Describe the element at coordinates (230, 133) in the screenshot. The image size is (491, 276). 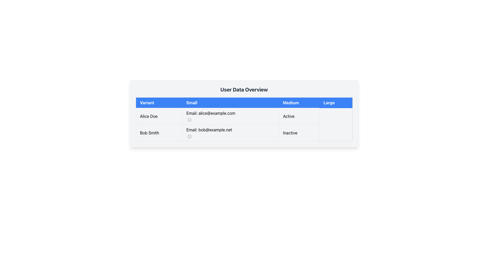
I see `email address displayed in the Text Label located in the 'Small' column of the 'User Data Overview' table, specifically under the row for 'Bob Smith'` at that location.